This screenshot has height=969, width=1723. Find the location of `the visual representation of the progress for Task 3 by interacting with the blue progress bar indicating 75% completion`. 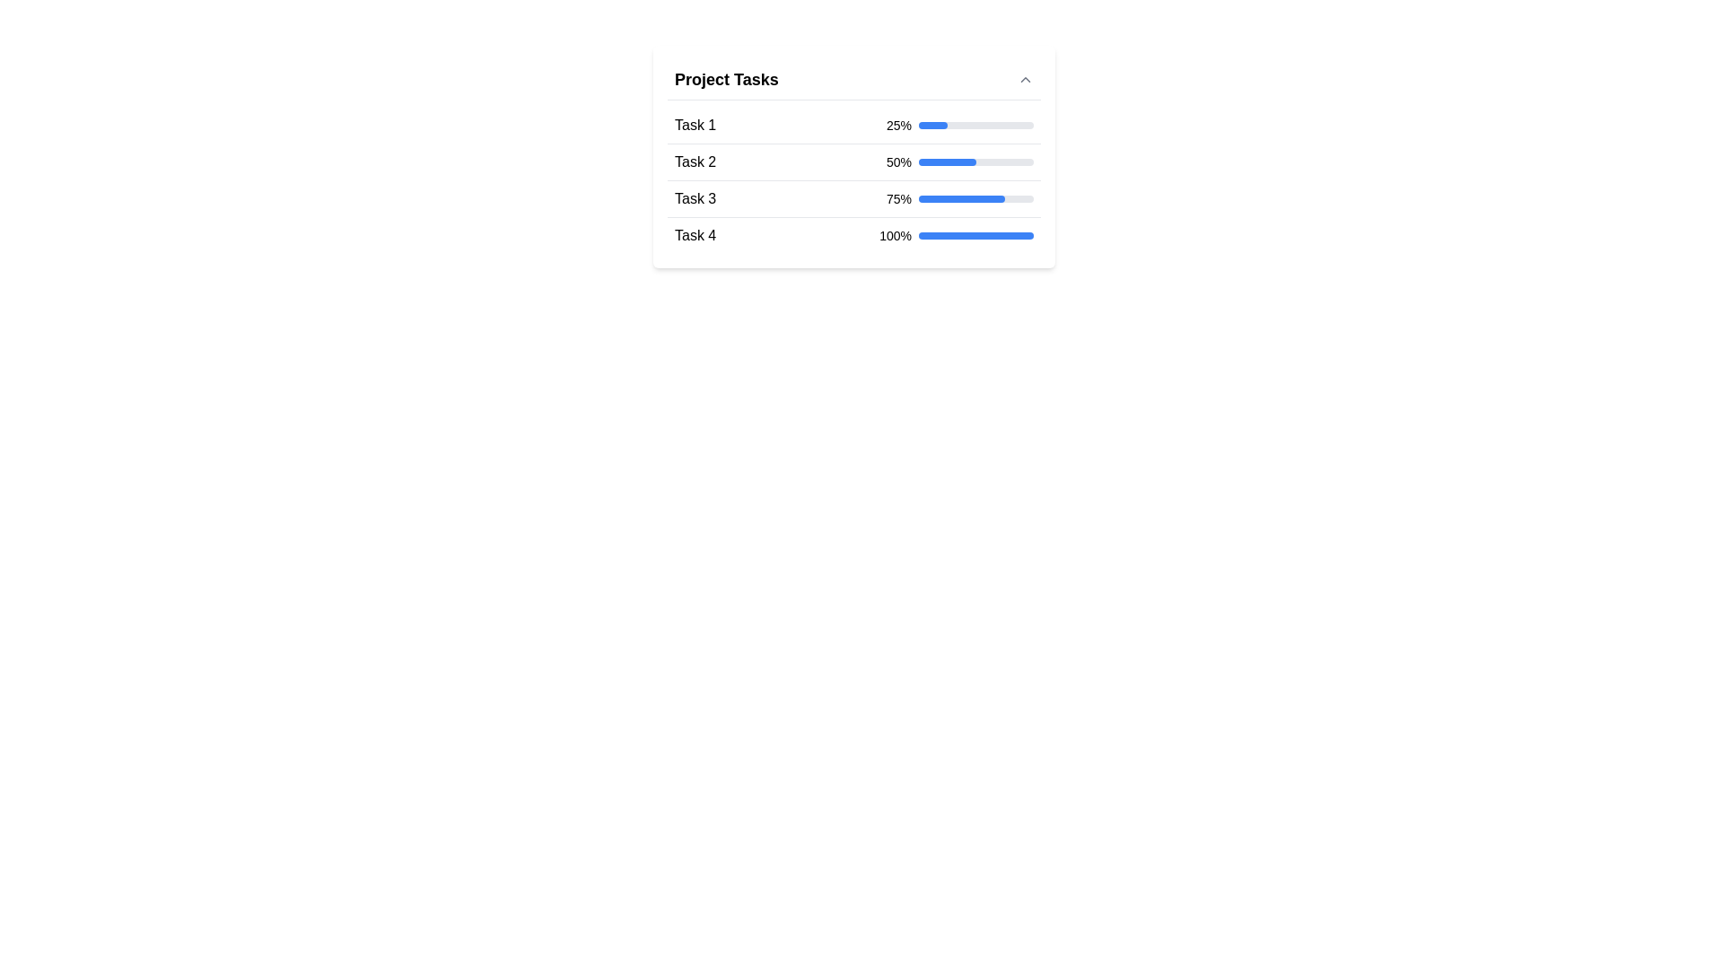

the visual representation of the progress for Task 3 by interacting with the blue progress bar indicating 75% completion is located at coordinates (960, 199).